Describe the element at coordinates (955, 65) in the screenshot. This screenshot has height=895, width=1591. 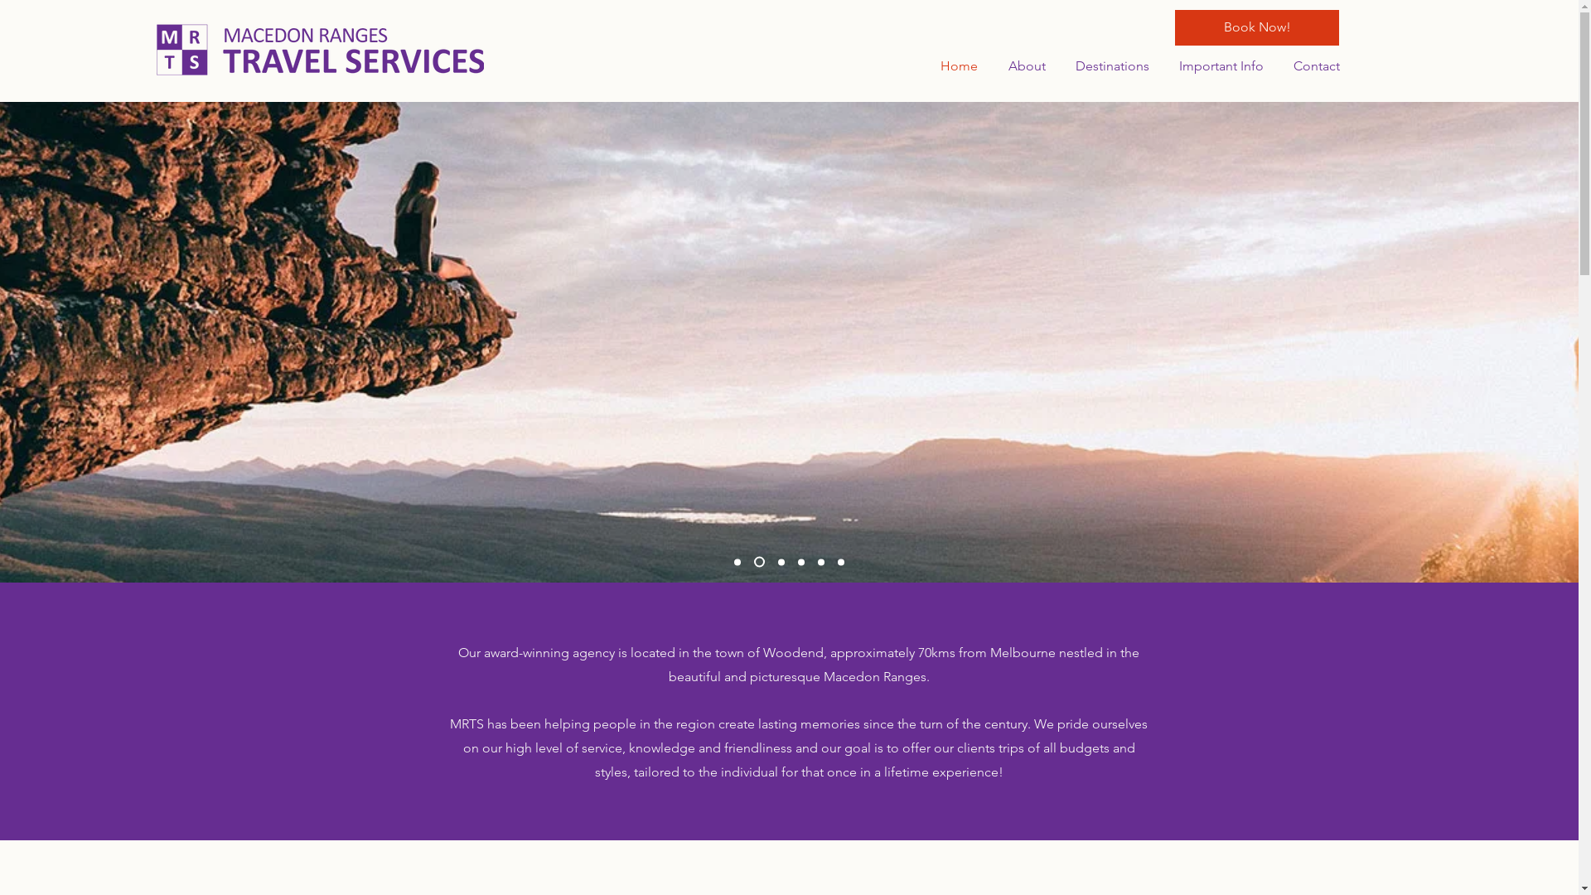
I see `'Home'` at that location.